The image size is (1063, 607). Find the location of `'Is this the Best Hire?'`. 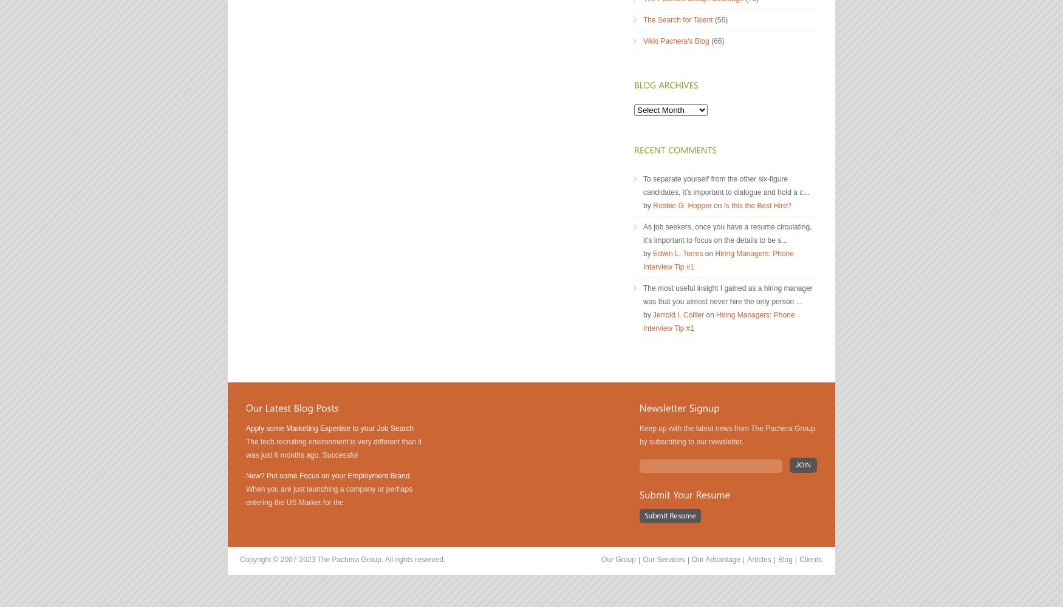

'Is this the Best Hire?' is located at coordinates (723, 205).